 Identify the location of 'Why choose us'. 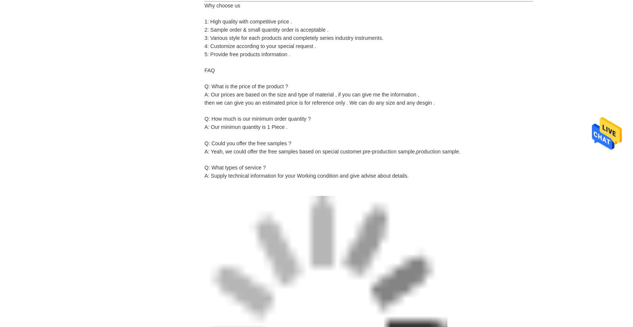
(221, 5).